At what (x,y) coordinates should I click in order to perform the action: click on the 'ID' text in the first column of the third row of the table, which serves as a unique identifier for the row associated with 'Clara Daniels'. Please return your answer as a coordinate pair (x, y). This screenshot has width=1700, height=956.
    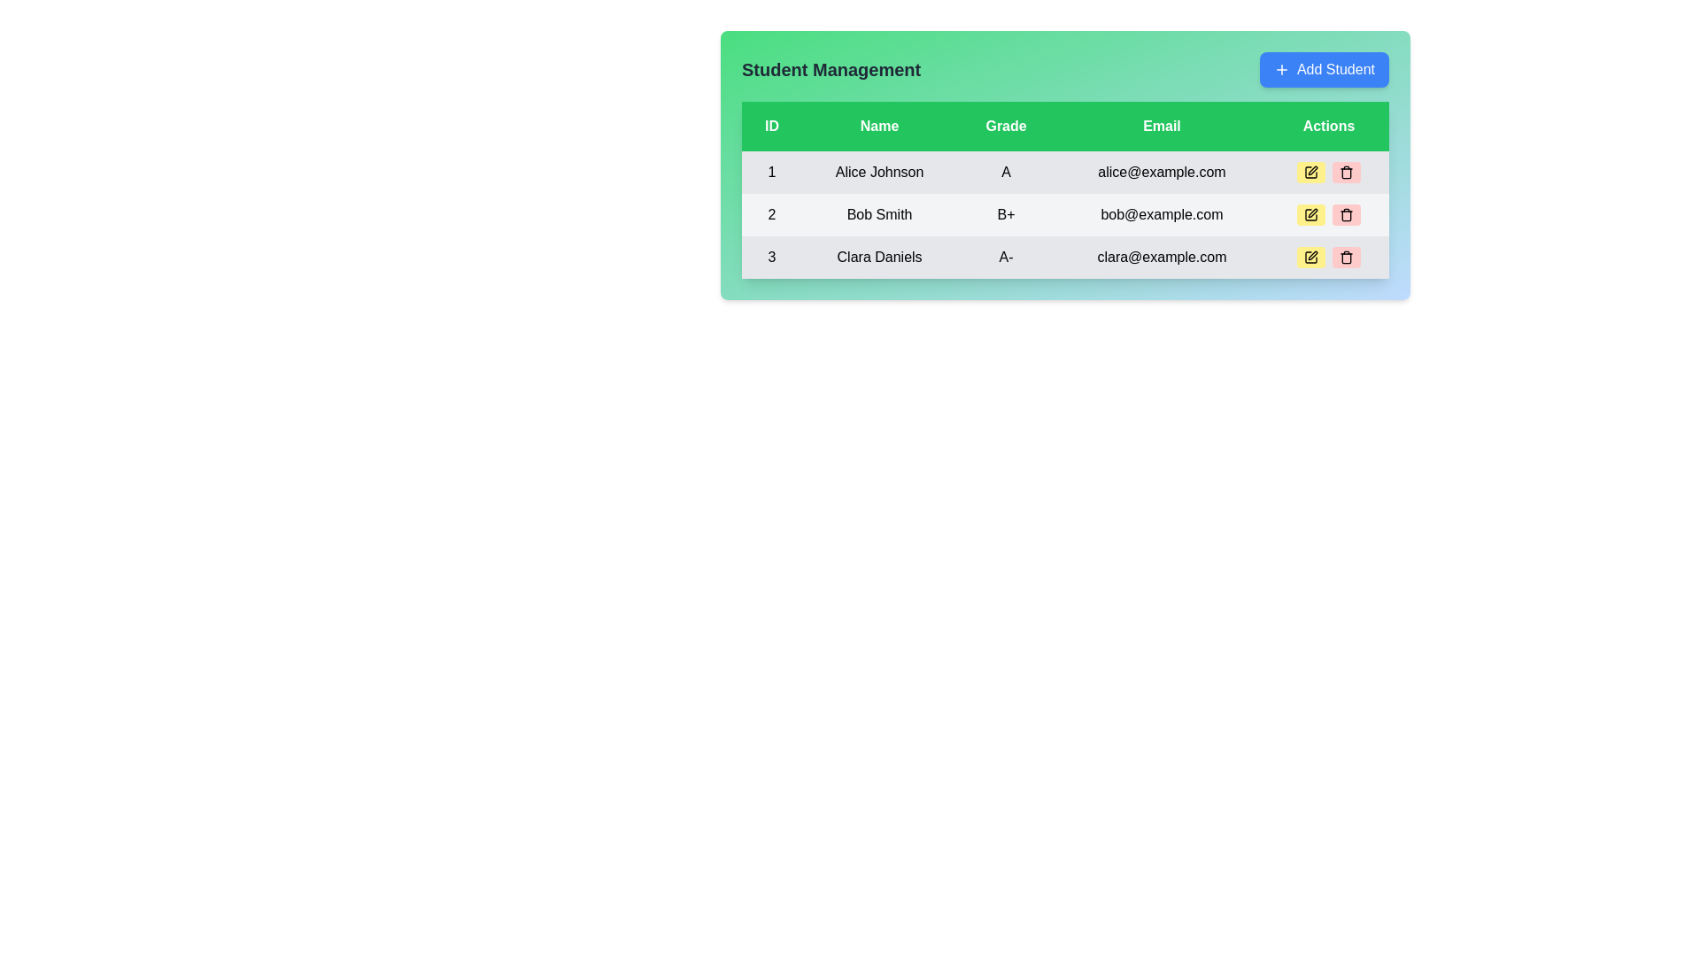
    Looking at the image, I should click on (772, 257).